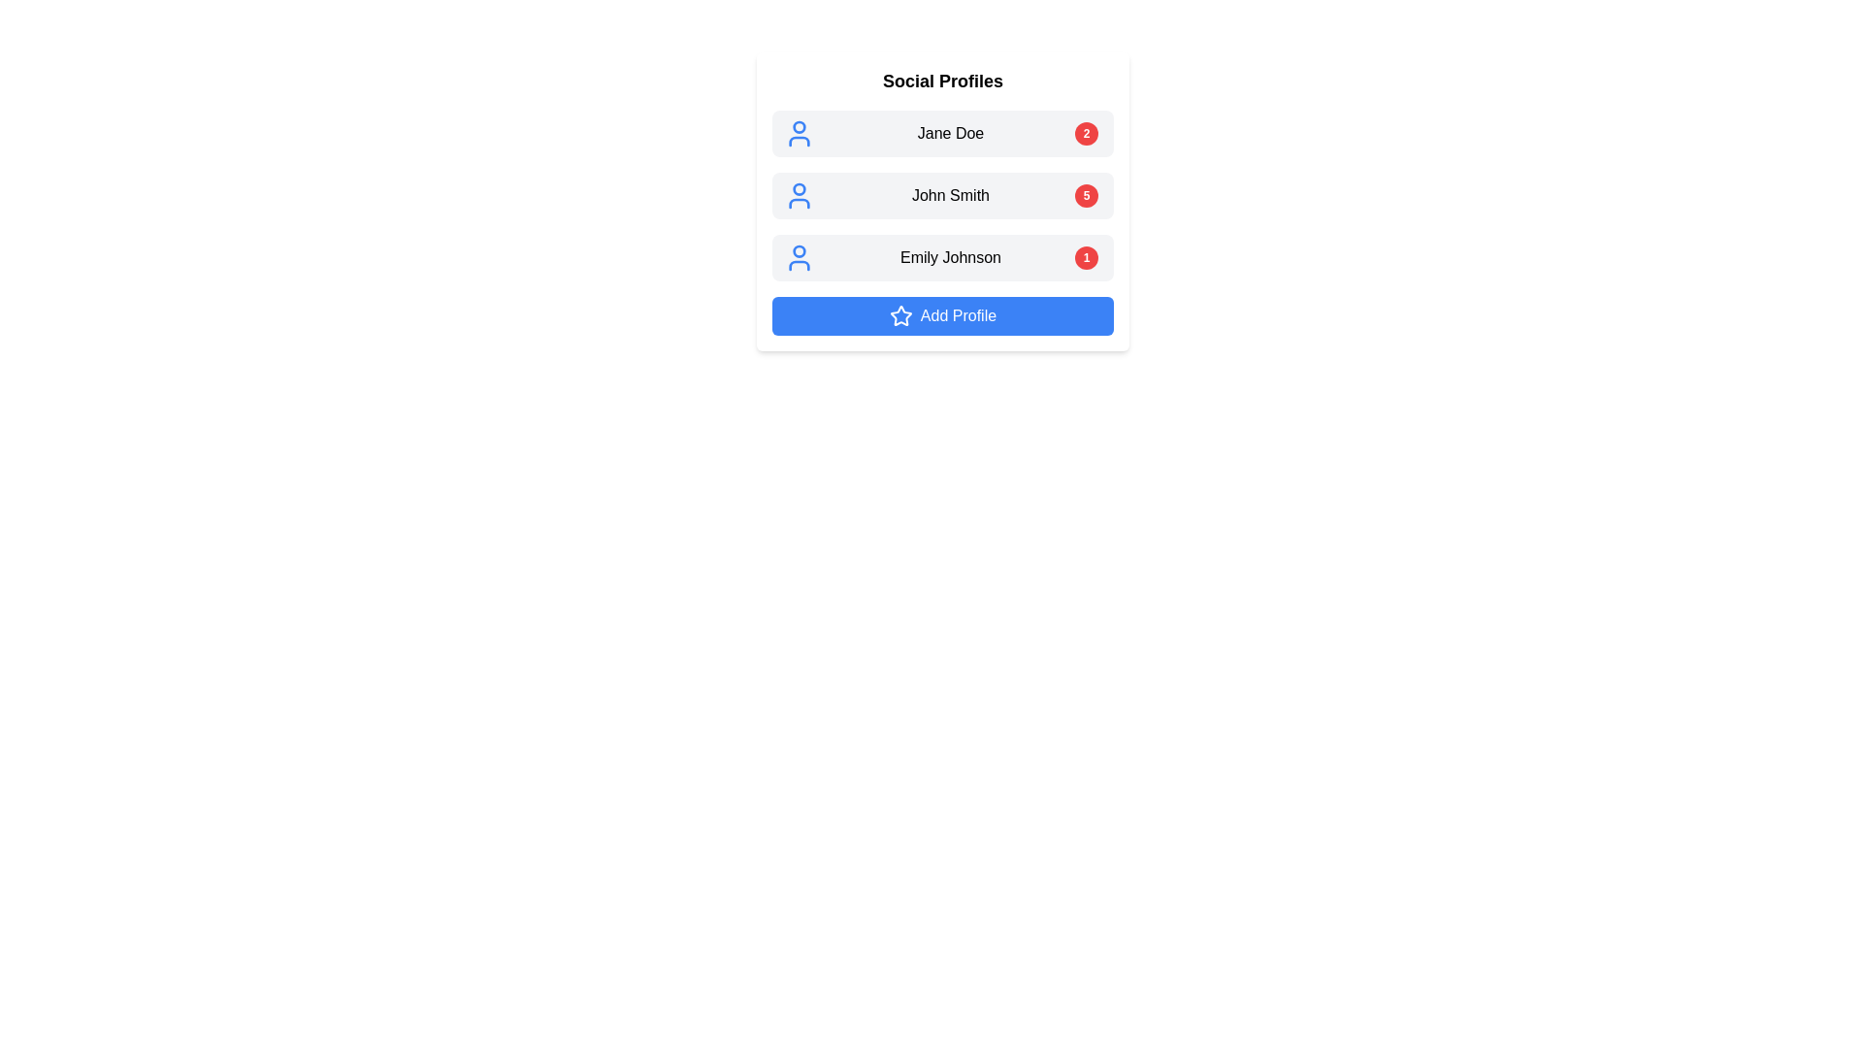 This screenshot has height=1048, width=1863. What do you see at coordinates (800, 141) in the screenshot?
I see `the user icon component within the SVG image, which is positioned to the left of the text 'Jane Doe' and above the red badge with the number '2'` at bounding box center [800, 141].